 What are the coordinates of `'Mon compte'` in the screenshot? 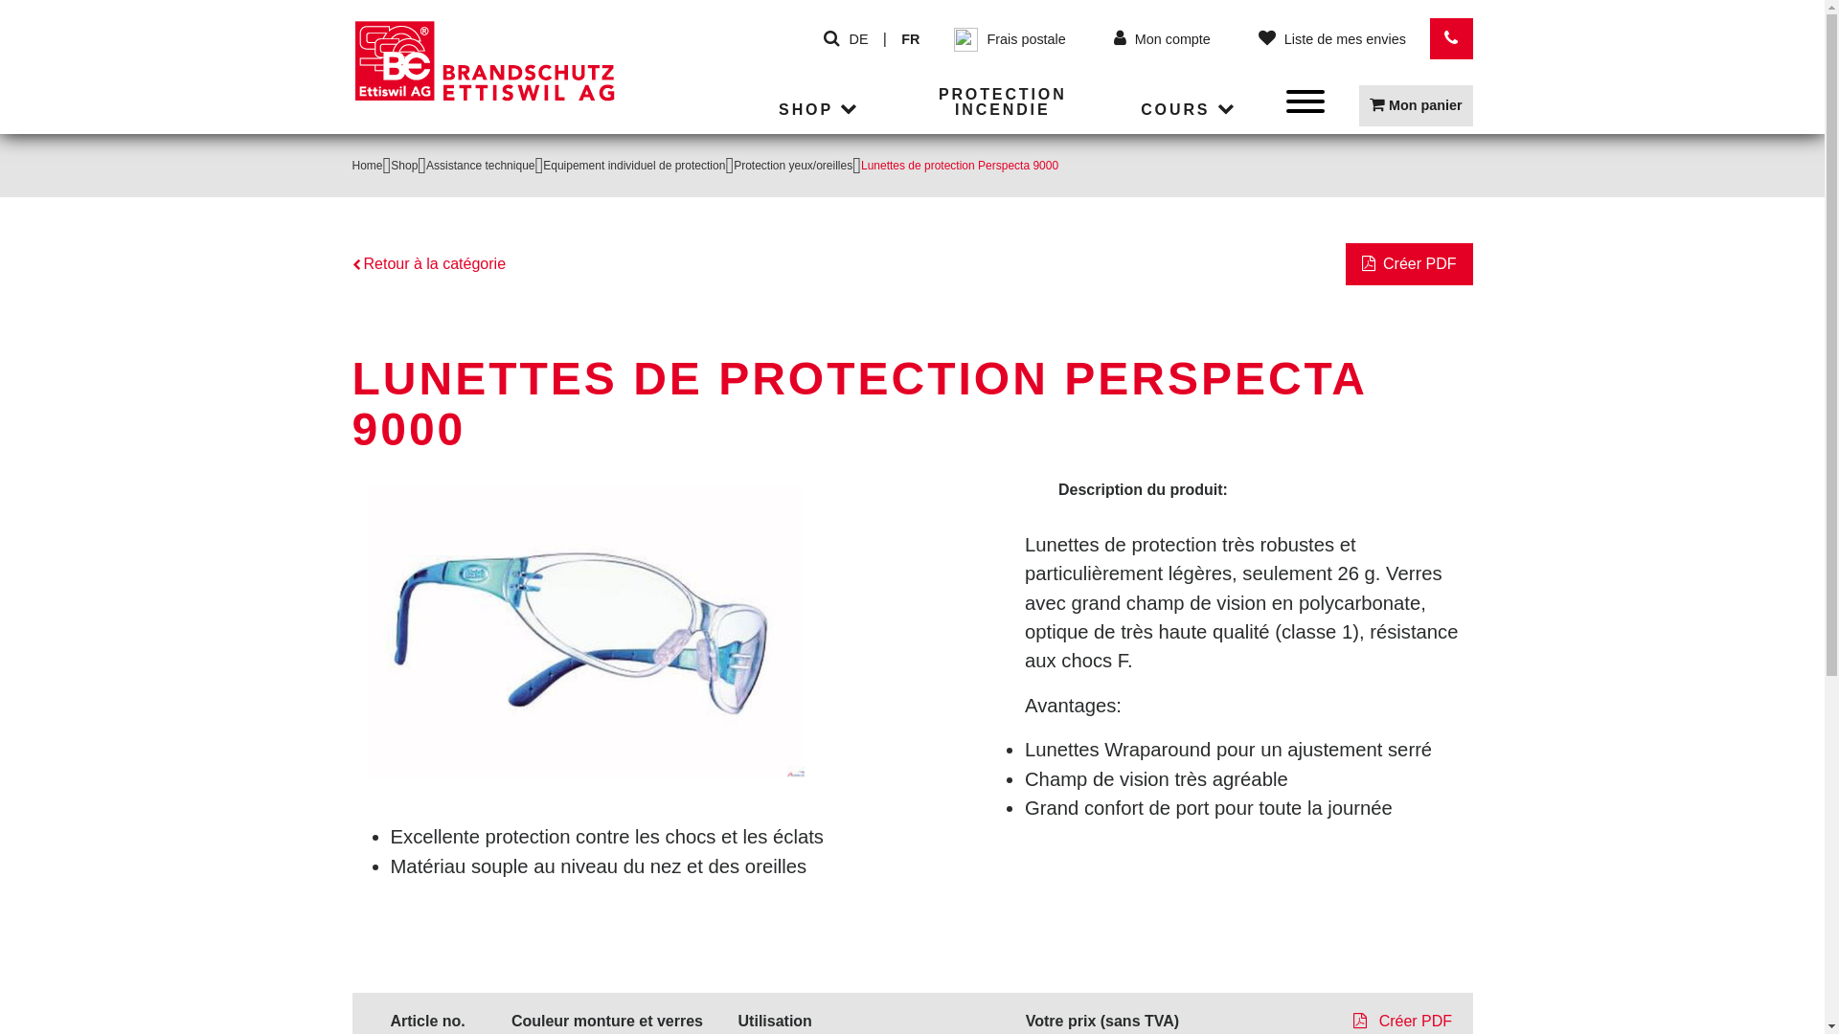 It's located at (1161, 39).